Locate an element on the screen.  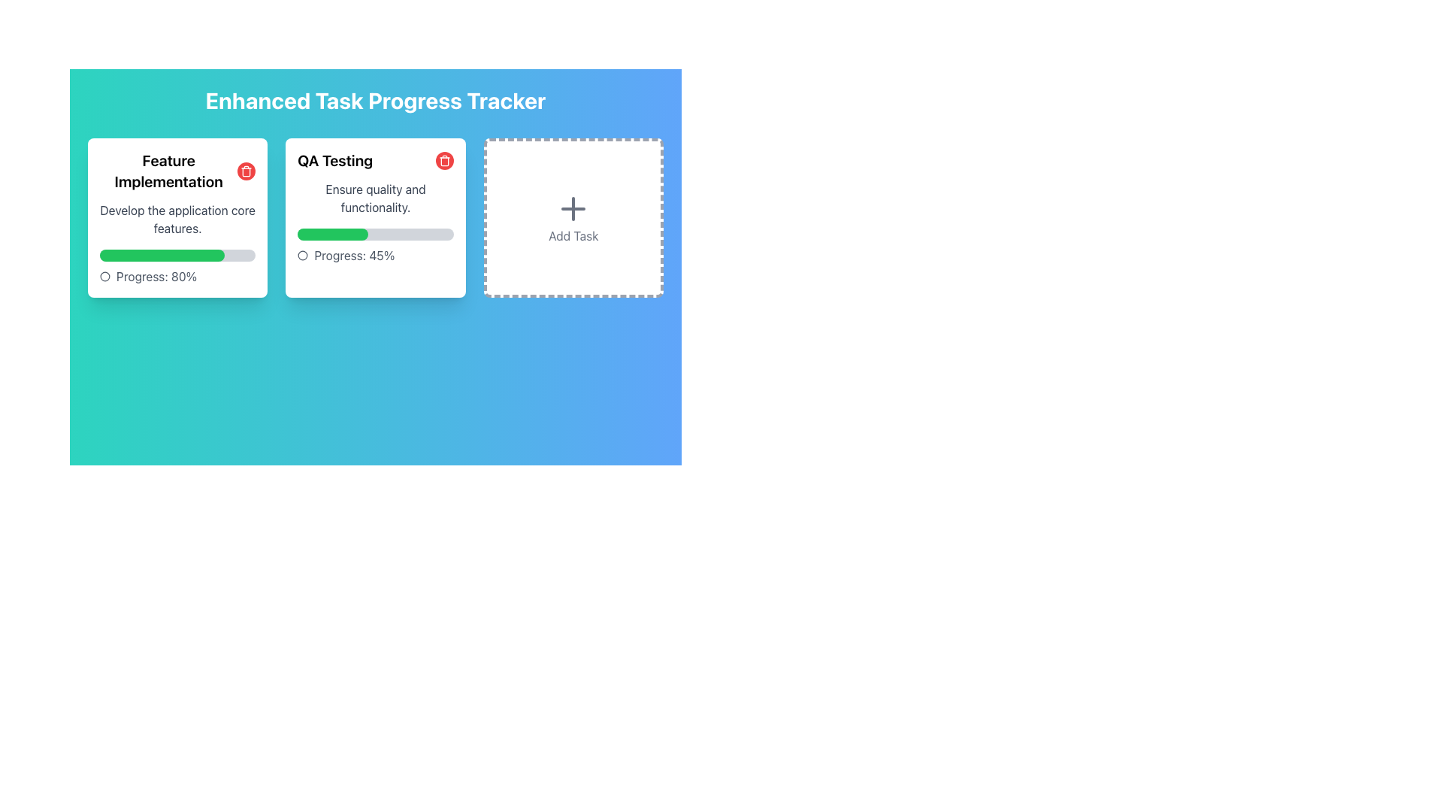
the gray plus symbol icon located within the dashed-bordered white button, which is positioned above the 'Add Task' label is located at coordinates (573, 208).